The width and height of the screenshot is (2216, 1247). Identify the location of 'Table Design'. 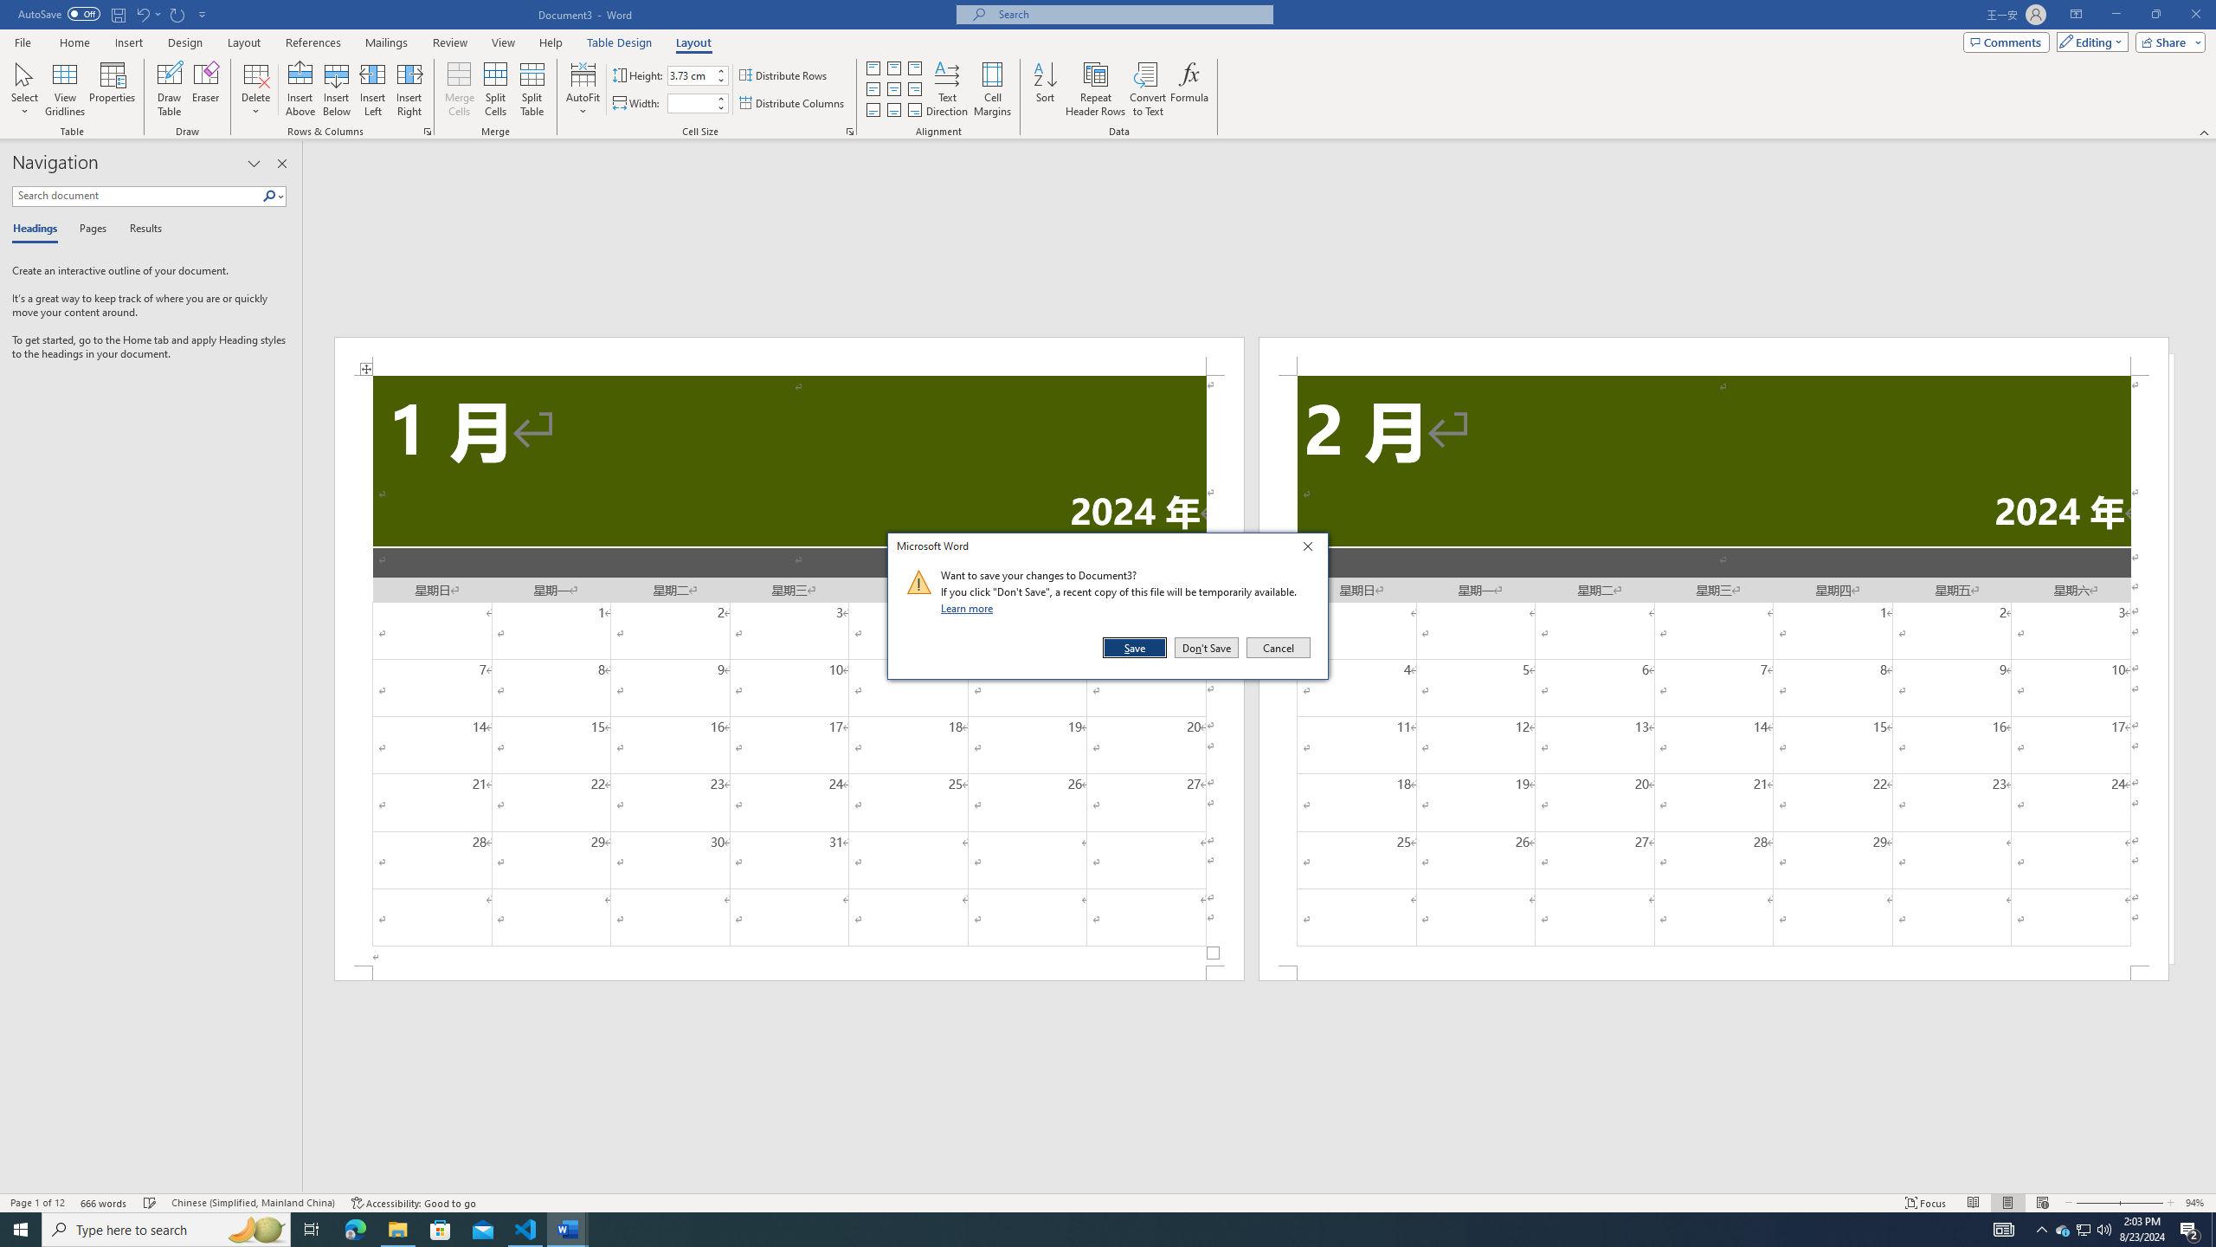
(620, 42).